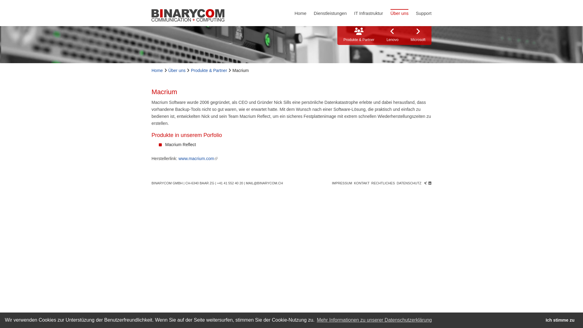 This screenshot has width=583, height=328. I want to click on 'Produkte & Partner', so click(190, 70).